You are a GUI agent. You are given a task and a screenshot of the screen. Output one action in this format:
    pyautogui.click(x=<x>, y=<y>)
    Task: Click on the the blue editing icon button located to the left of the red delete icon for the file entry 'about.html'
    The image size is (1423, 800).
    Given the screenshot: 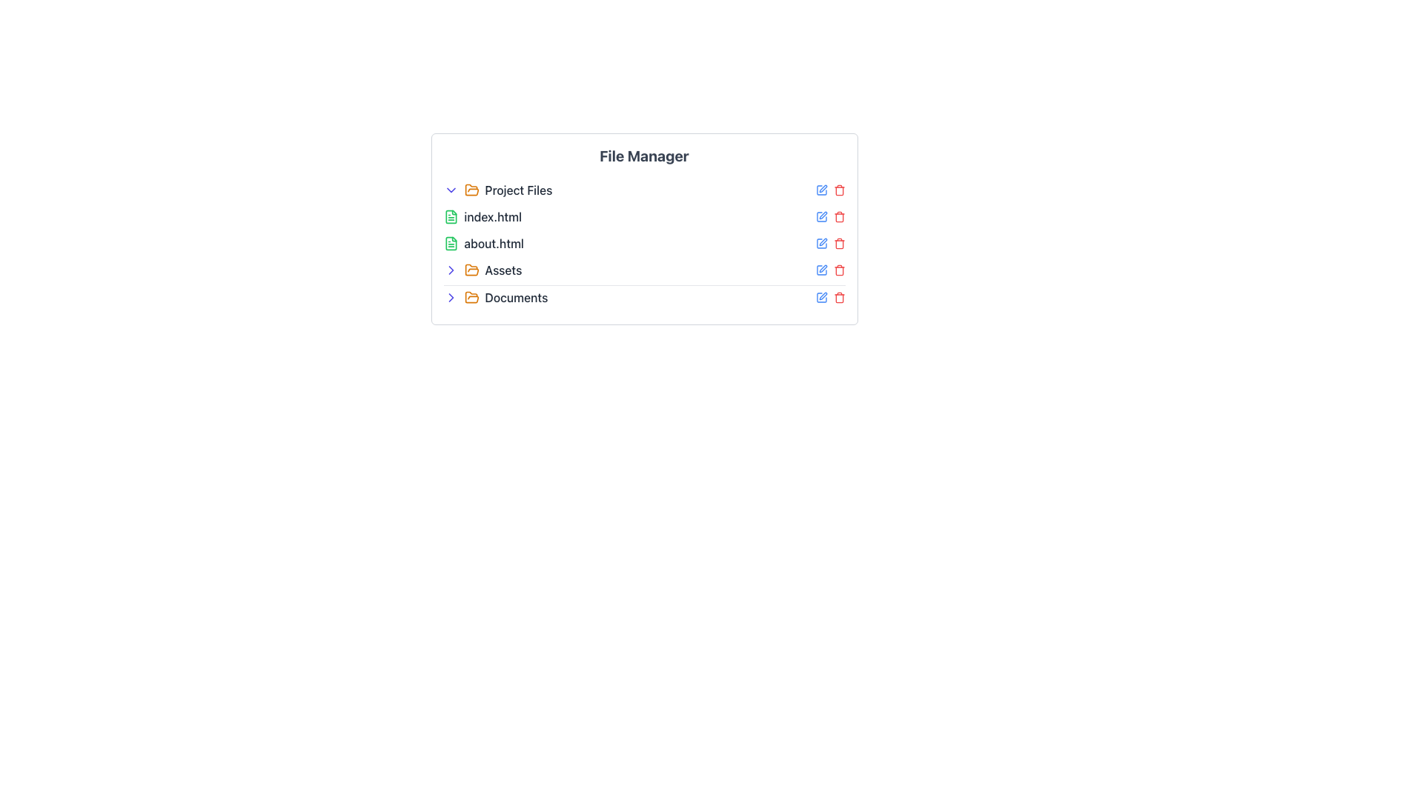 What is the action you would take?
    pyautogui.click(x=820, y=242)
    